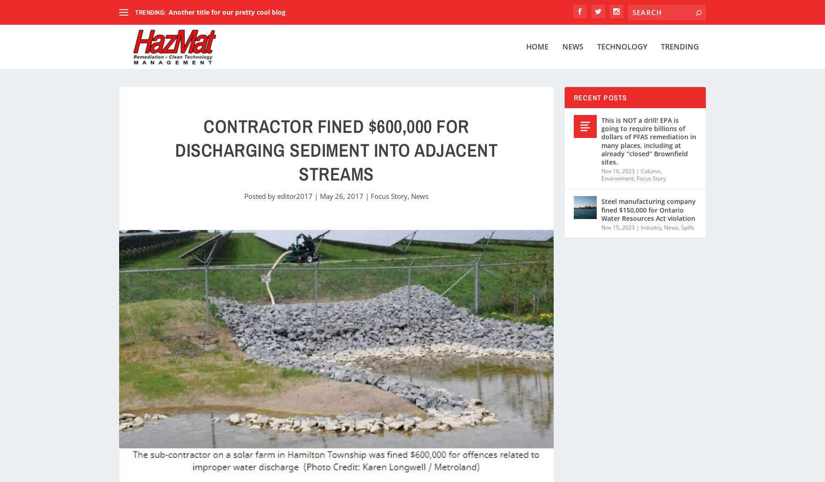 The width and height of the screenshot is (825, 482). Describe the element at coordinates (260, 195) in the screenshot. I see `'Posted by'` at that location.